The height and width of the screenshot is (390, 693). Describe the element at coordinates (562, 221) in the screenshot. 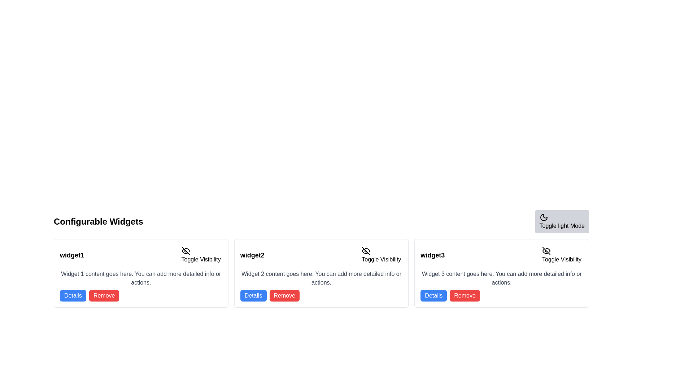

I see `the rectangular button labeled 'Toggle light Mode' with a crescent moon icon, located at the top-right corner of the 'Configurable Widgets' section` at that location.